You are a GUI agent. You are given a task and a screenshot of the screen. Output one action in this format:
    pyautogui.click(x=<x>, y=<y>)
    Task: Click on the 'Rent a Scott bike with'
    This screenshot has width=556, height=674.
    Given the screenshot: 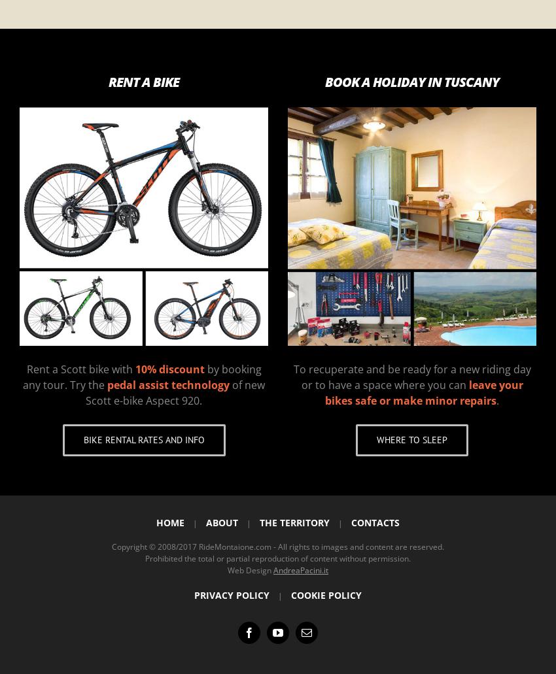 What is the action you would take?
    pyautogui.click(x=79, y=367)
    